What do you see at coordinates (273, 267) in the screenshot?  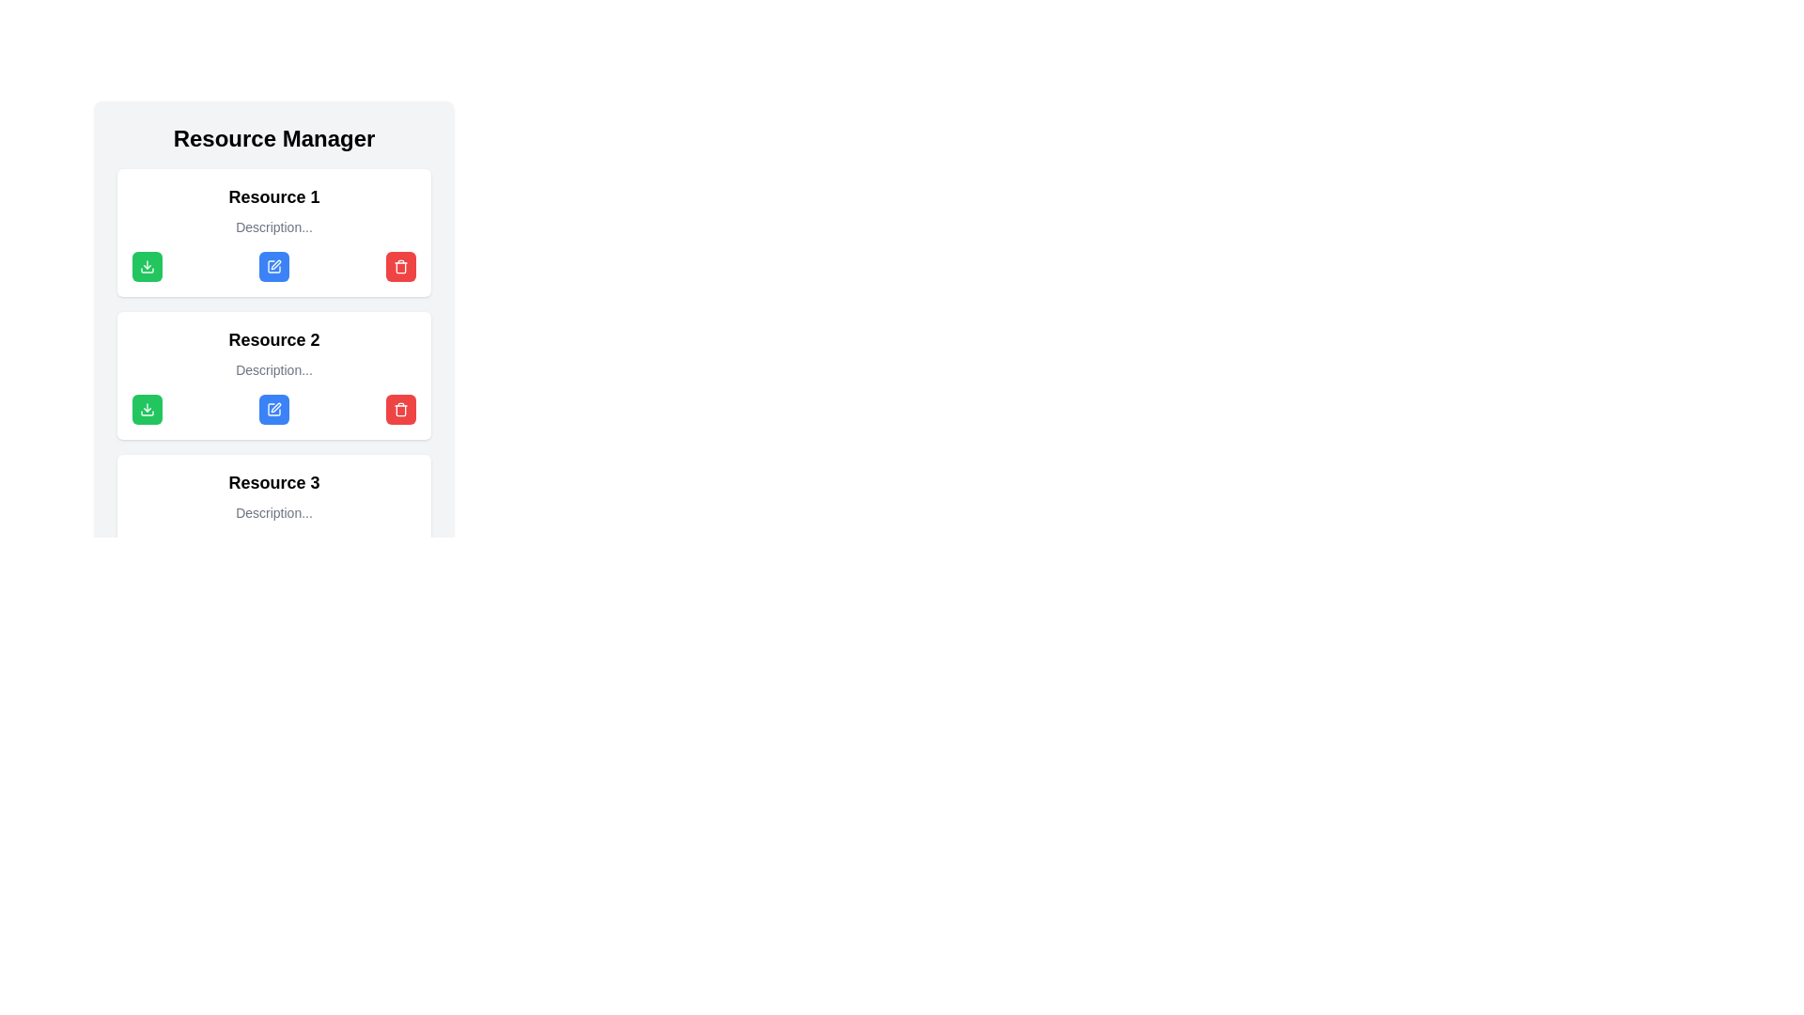 I see `the middle button associated with 'Resource 1' to initiate editing` at bounding box center [273, 267].